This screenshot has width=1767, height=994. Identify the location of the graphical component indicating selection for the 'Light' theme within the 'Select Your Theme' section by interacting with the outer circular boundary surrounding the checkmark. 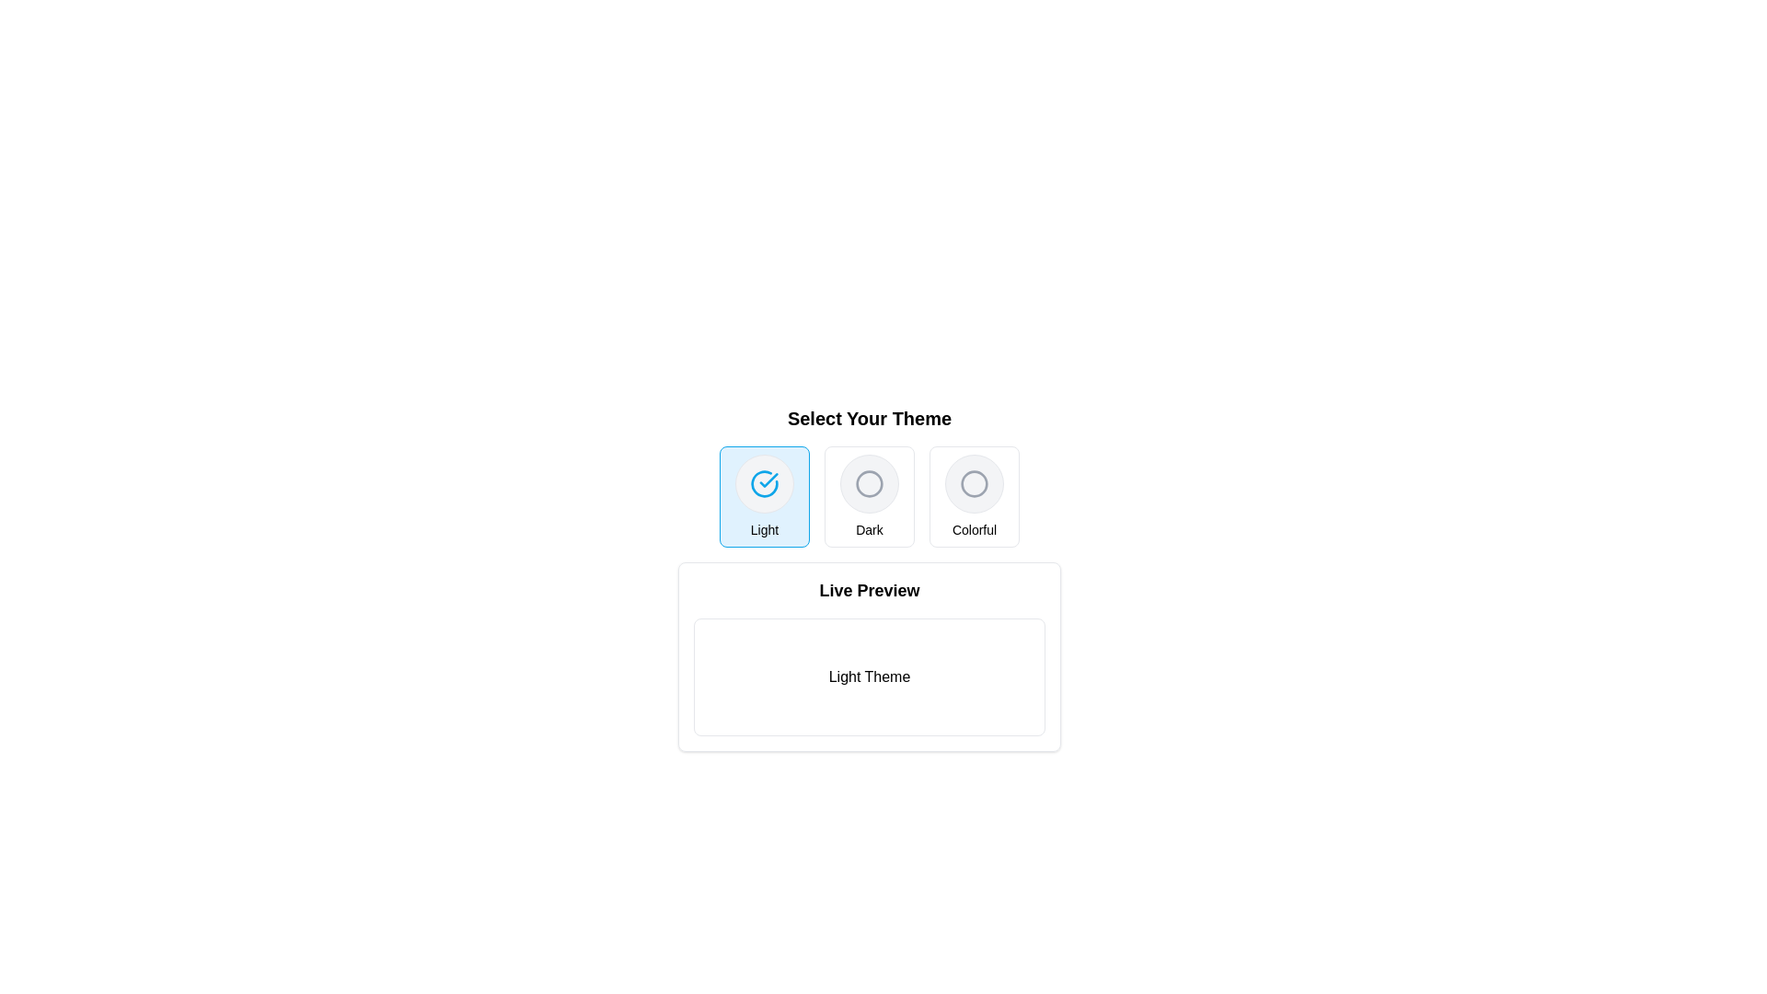
(764, 482).